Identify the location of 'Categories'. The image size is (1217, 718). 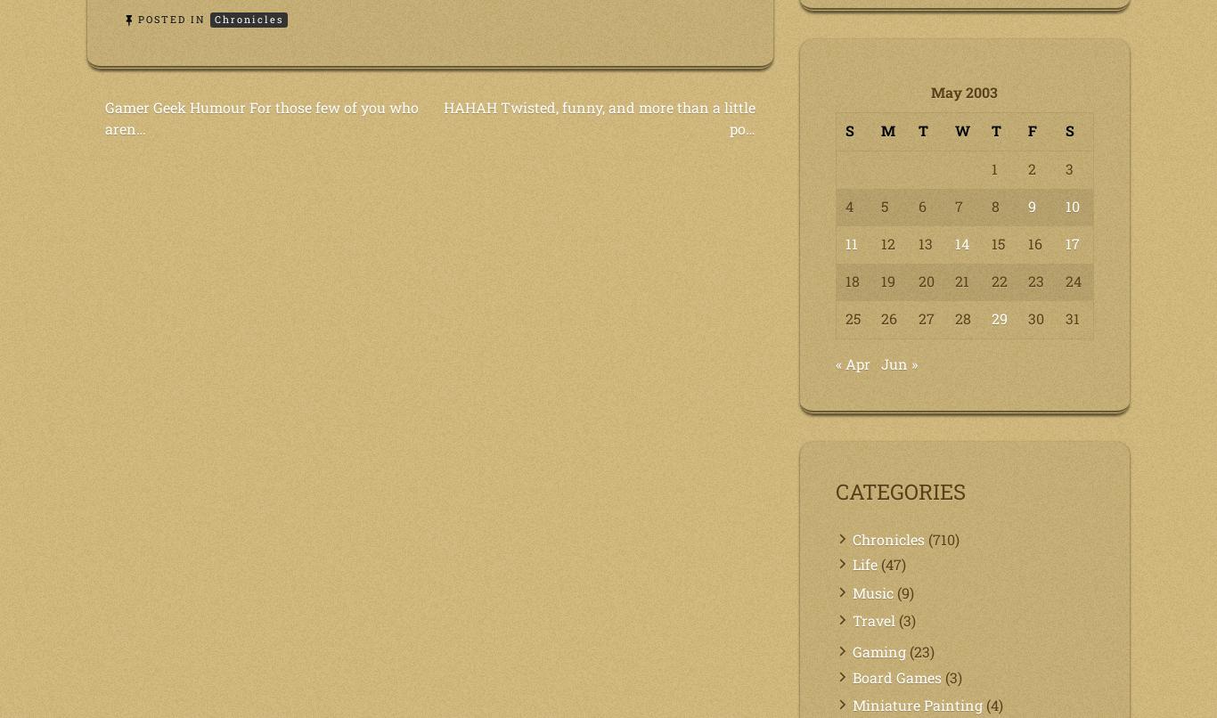
(900, 490).